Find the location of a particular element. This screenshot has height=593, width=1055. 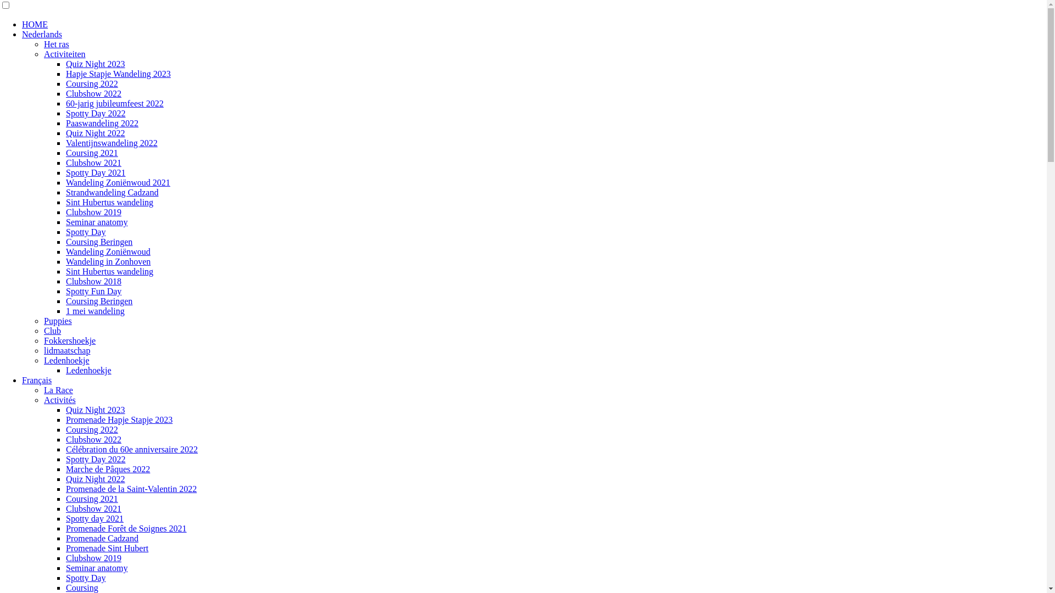

'Coursing 2022' is located at coordinates (92, 83).